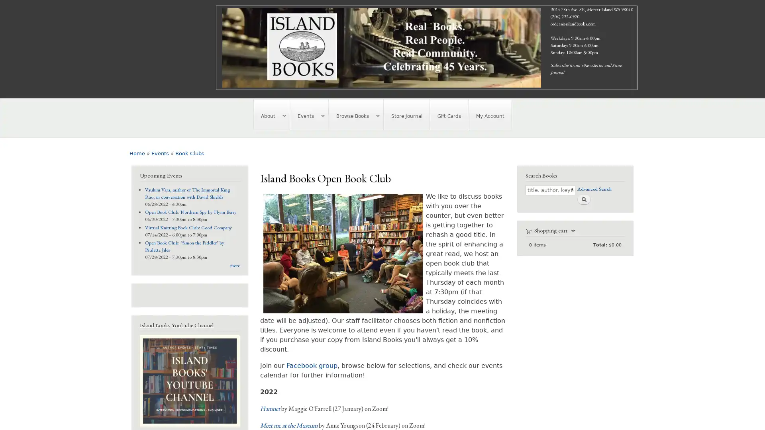 The image size is (765, 430). Describe the element at coordinates (583, 199) in the screenshot. I see `Search` at that location.